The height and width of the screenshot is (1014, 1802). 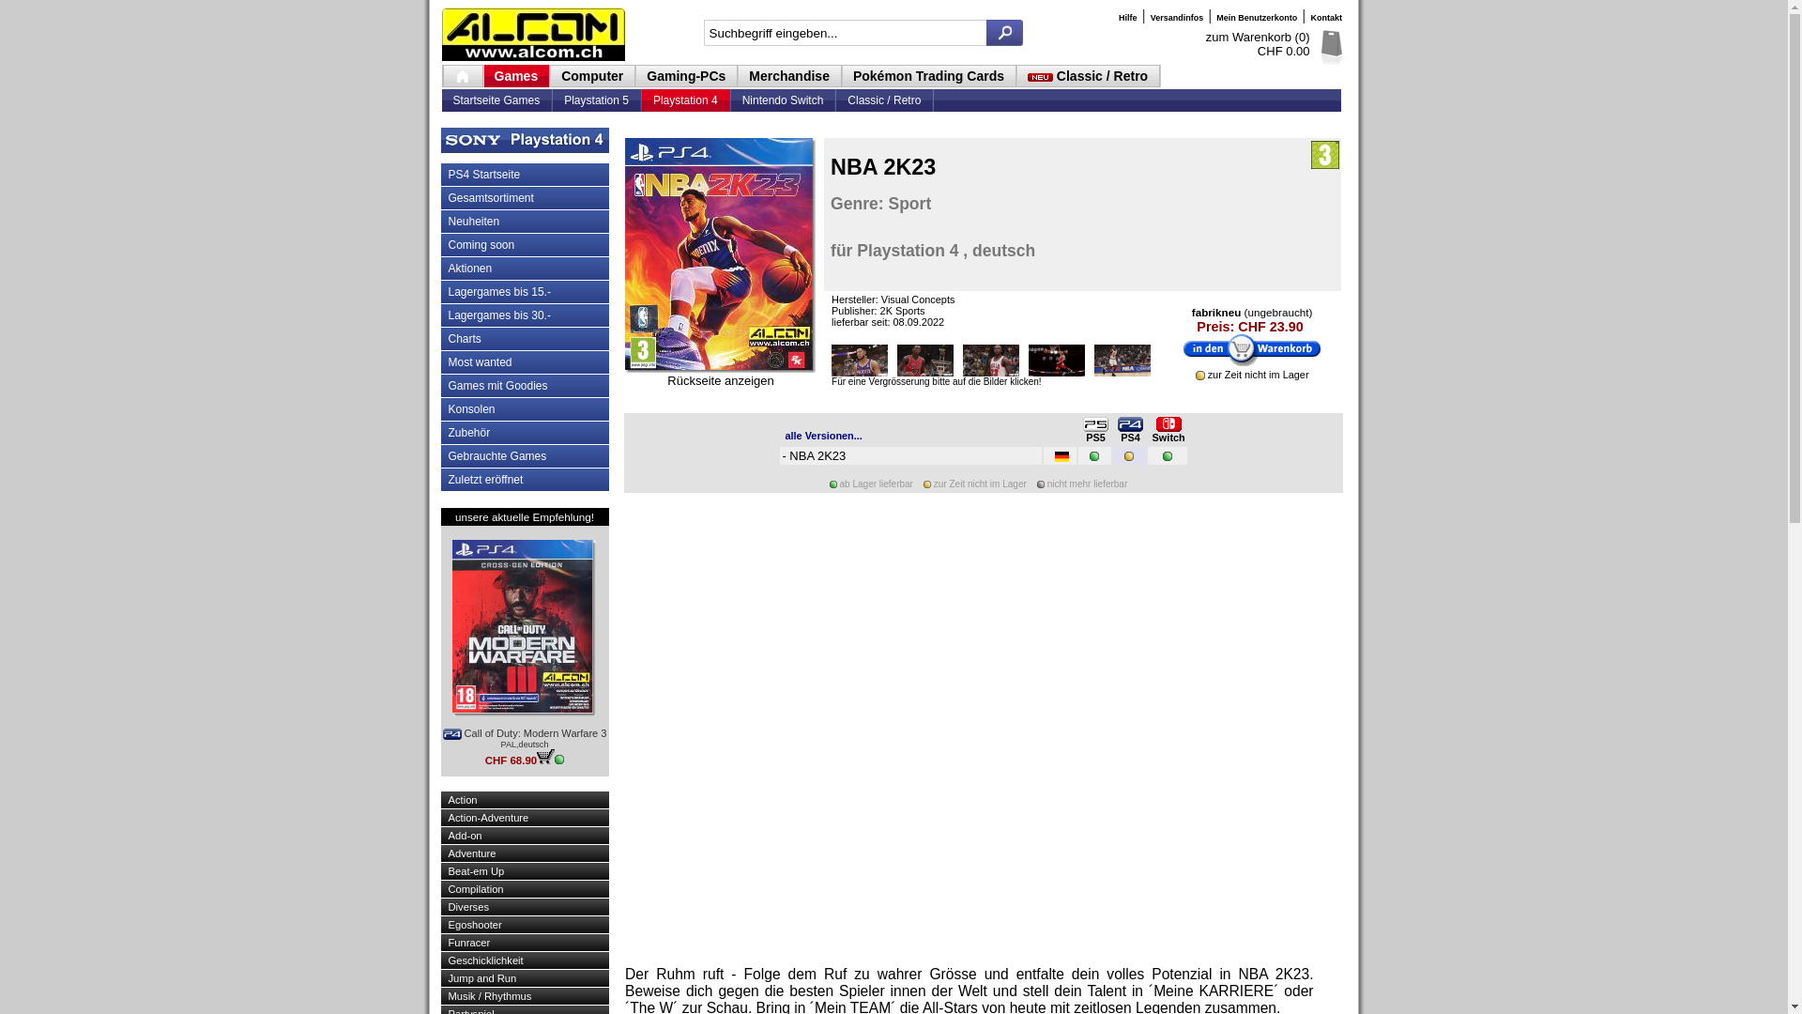 What do you see at coordinates (461, 75) in the screenshot?
I see `'Home'` at bounding box center [461, 75].